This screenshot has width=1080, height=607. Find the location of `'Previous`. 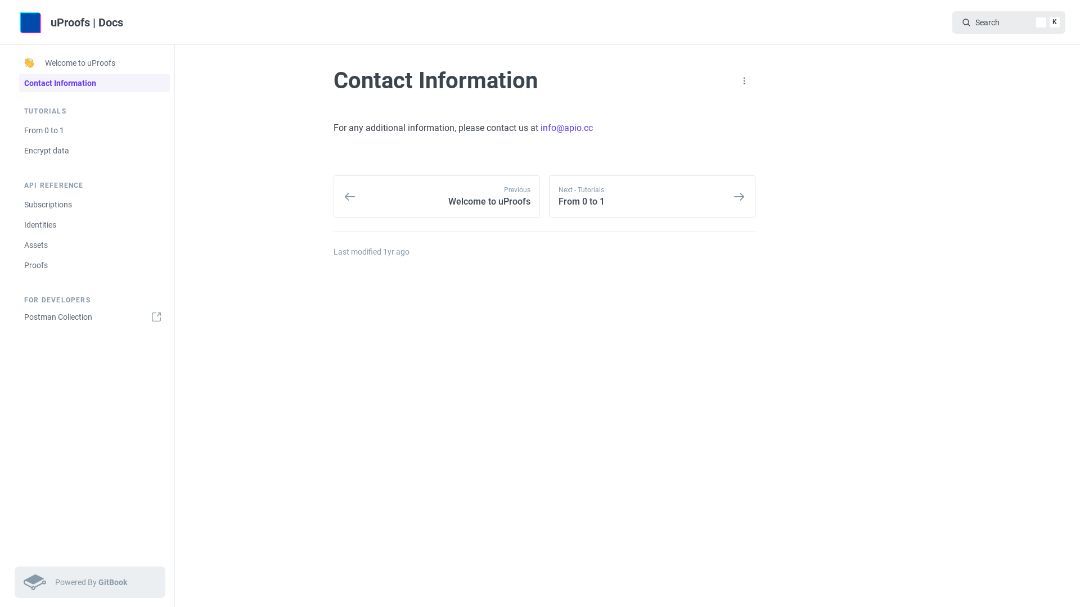

'Previous is located at coordinates (436, 196).